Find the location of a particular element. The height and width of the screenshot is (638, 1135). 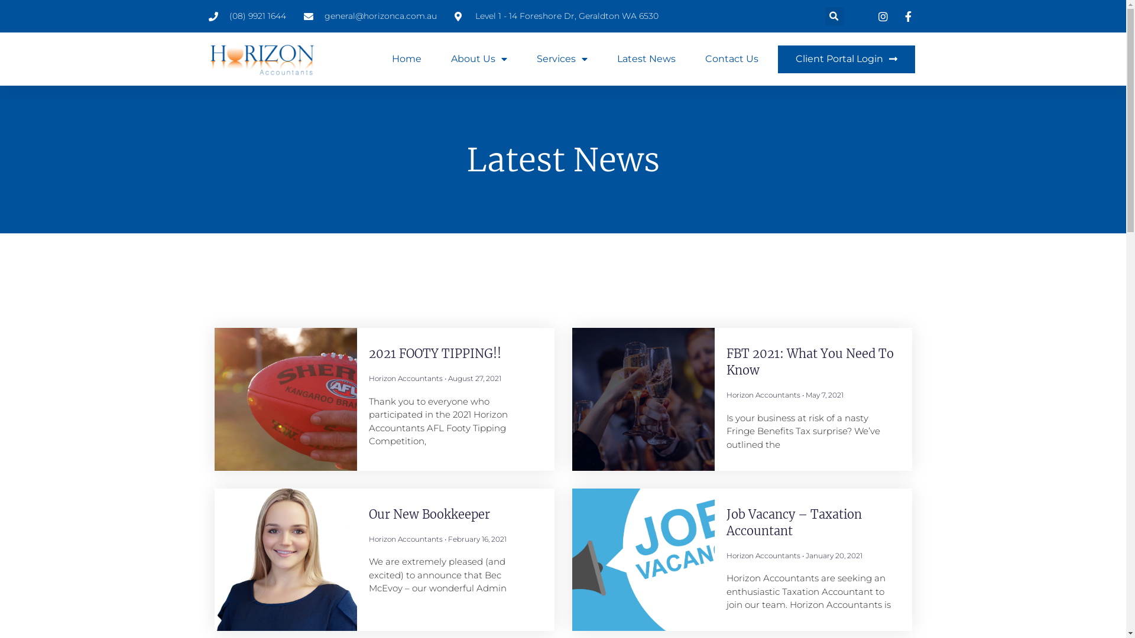

'2021 FOOTY TIPPING!!' is located at coordinates (368, 353).